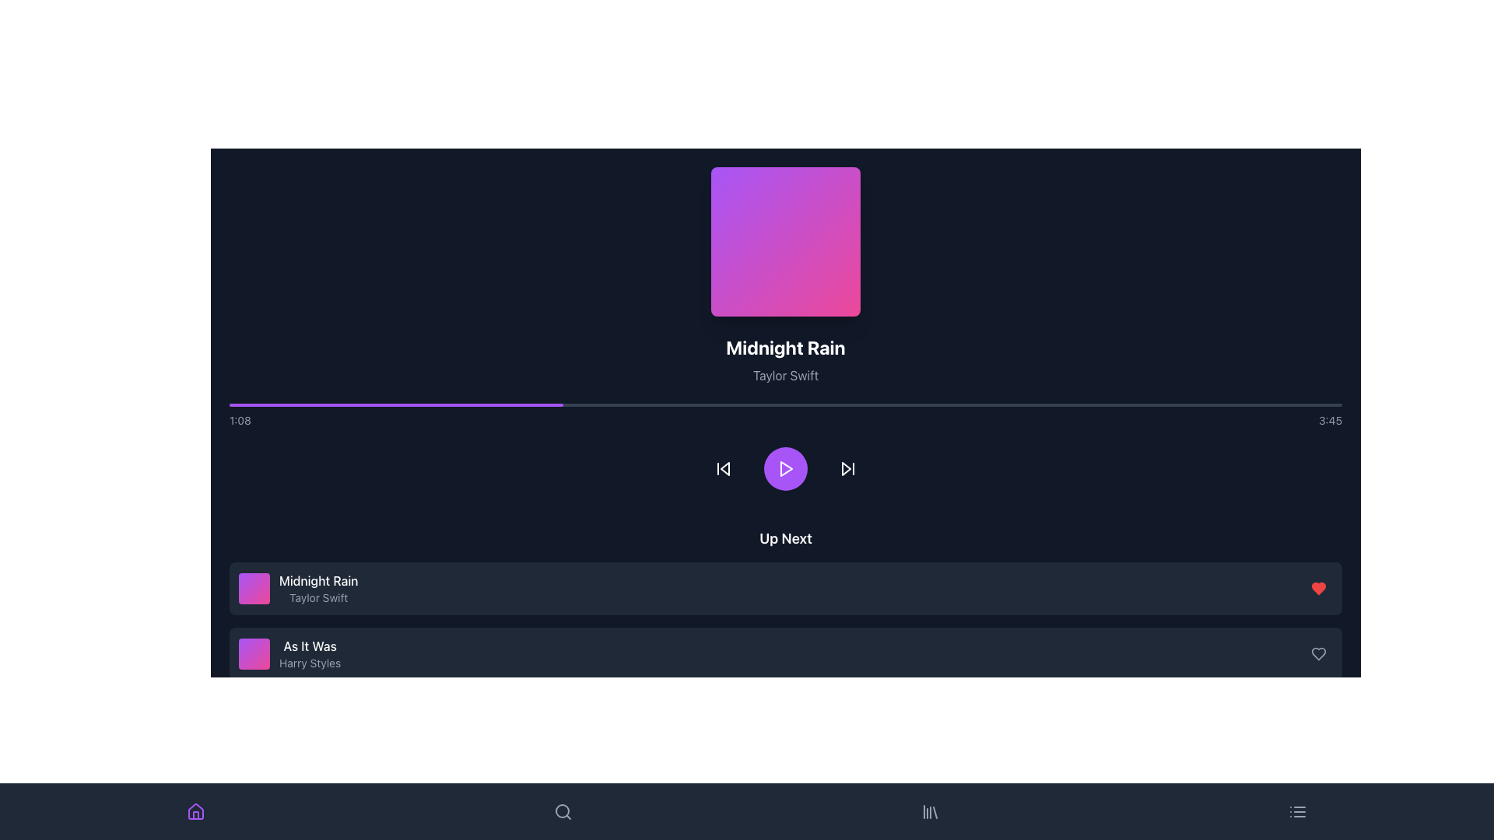  Describe the element at coordinates (396, 404) in the screenshot. I see `the progress bar segment which indicates the percentage of completion, located near the top section of the interface` at that location.